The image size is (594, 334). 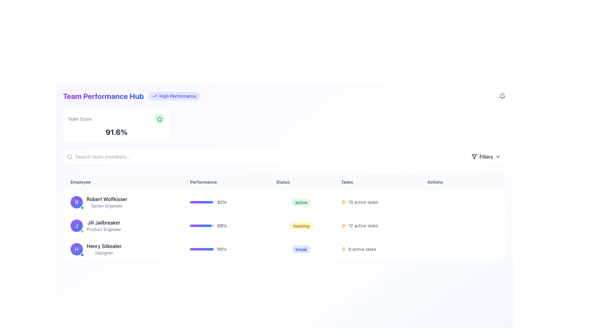 I want to click on the 'active' label, which is styled with green text on a light green rounded background, located in the 'Status' column of the table row for 'Robert Wolfkisser, Senior Engineer', so click(x=301, y=202).